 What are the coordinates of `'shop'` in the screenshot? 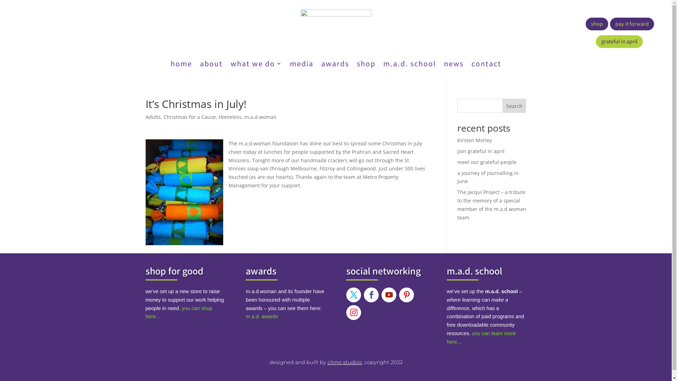 It's located at (597, 24).